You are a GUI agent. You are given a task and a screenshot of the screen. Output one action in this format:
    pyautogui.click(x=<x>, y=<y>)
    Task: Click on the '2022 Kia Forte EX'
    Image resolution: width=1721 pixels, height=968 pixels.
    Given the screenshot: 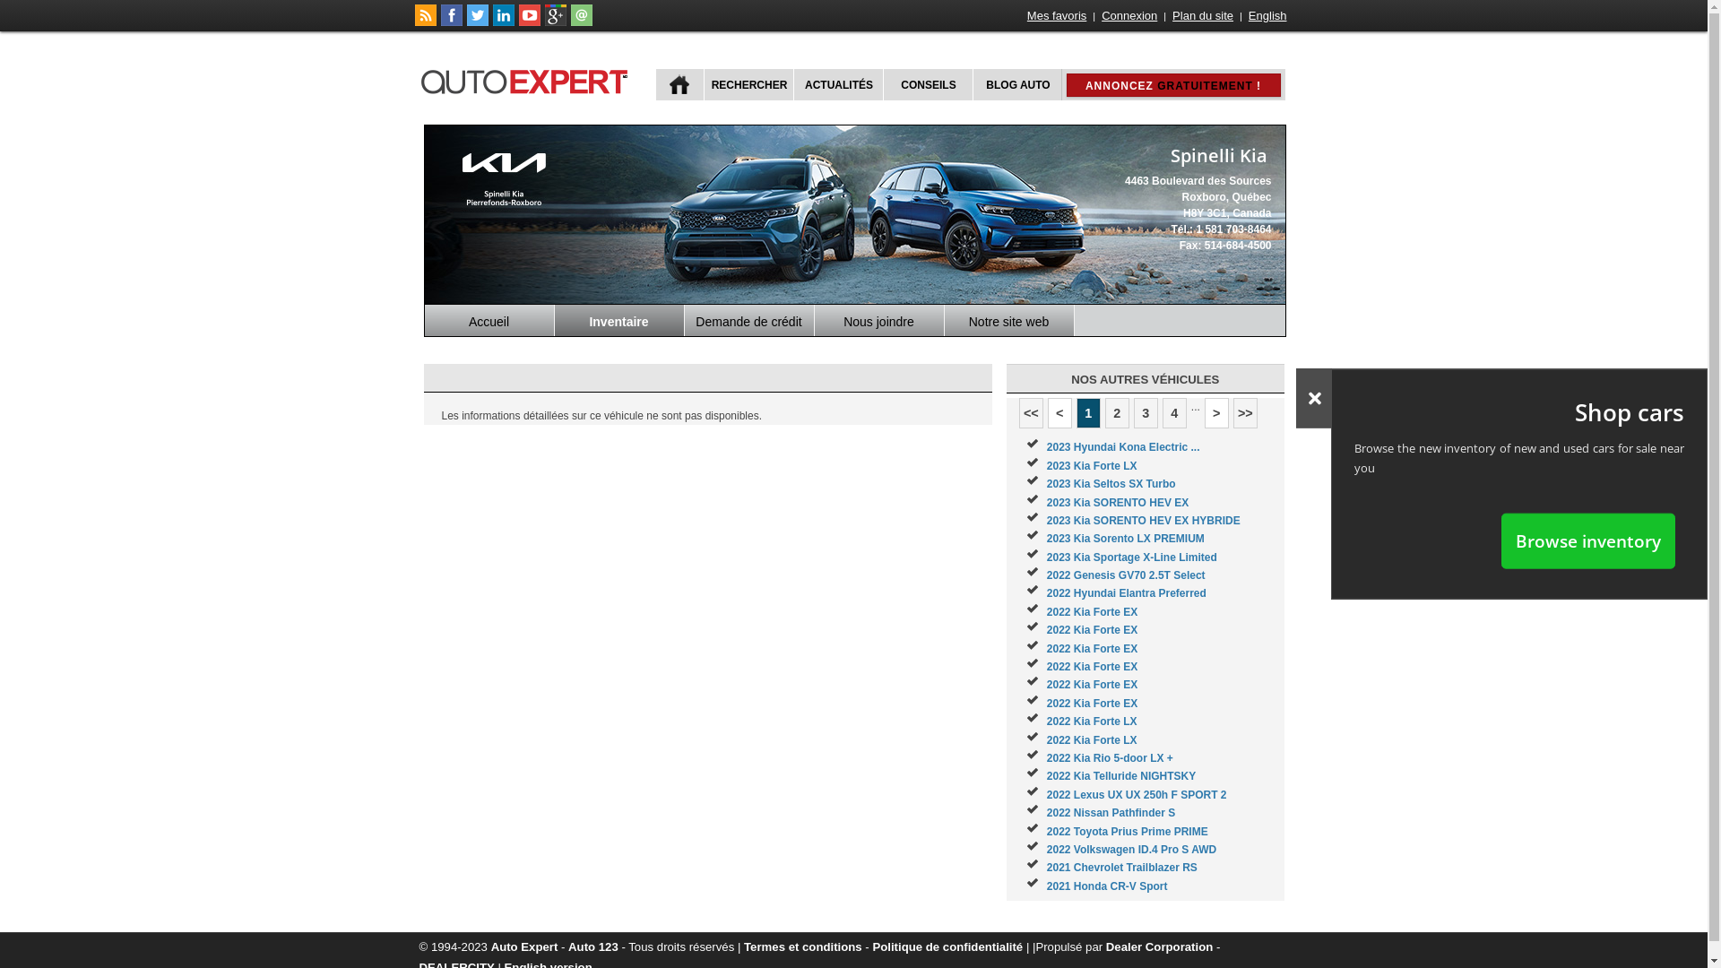 What is the action you would take?
    pyautogui.click(x=1091, y=667)
    